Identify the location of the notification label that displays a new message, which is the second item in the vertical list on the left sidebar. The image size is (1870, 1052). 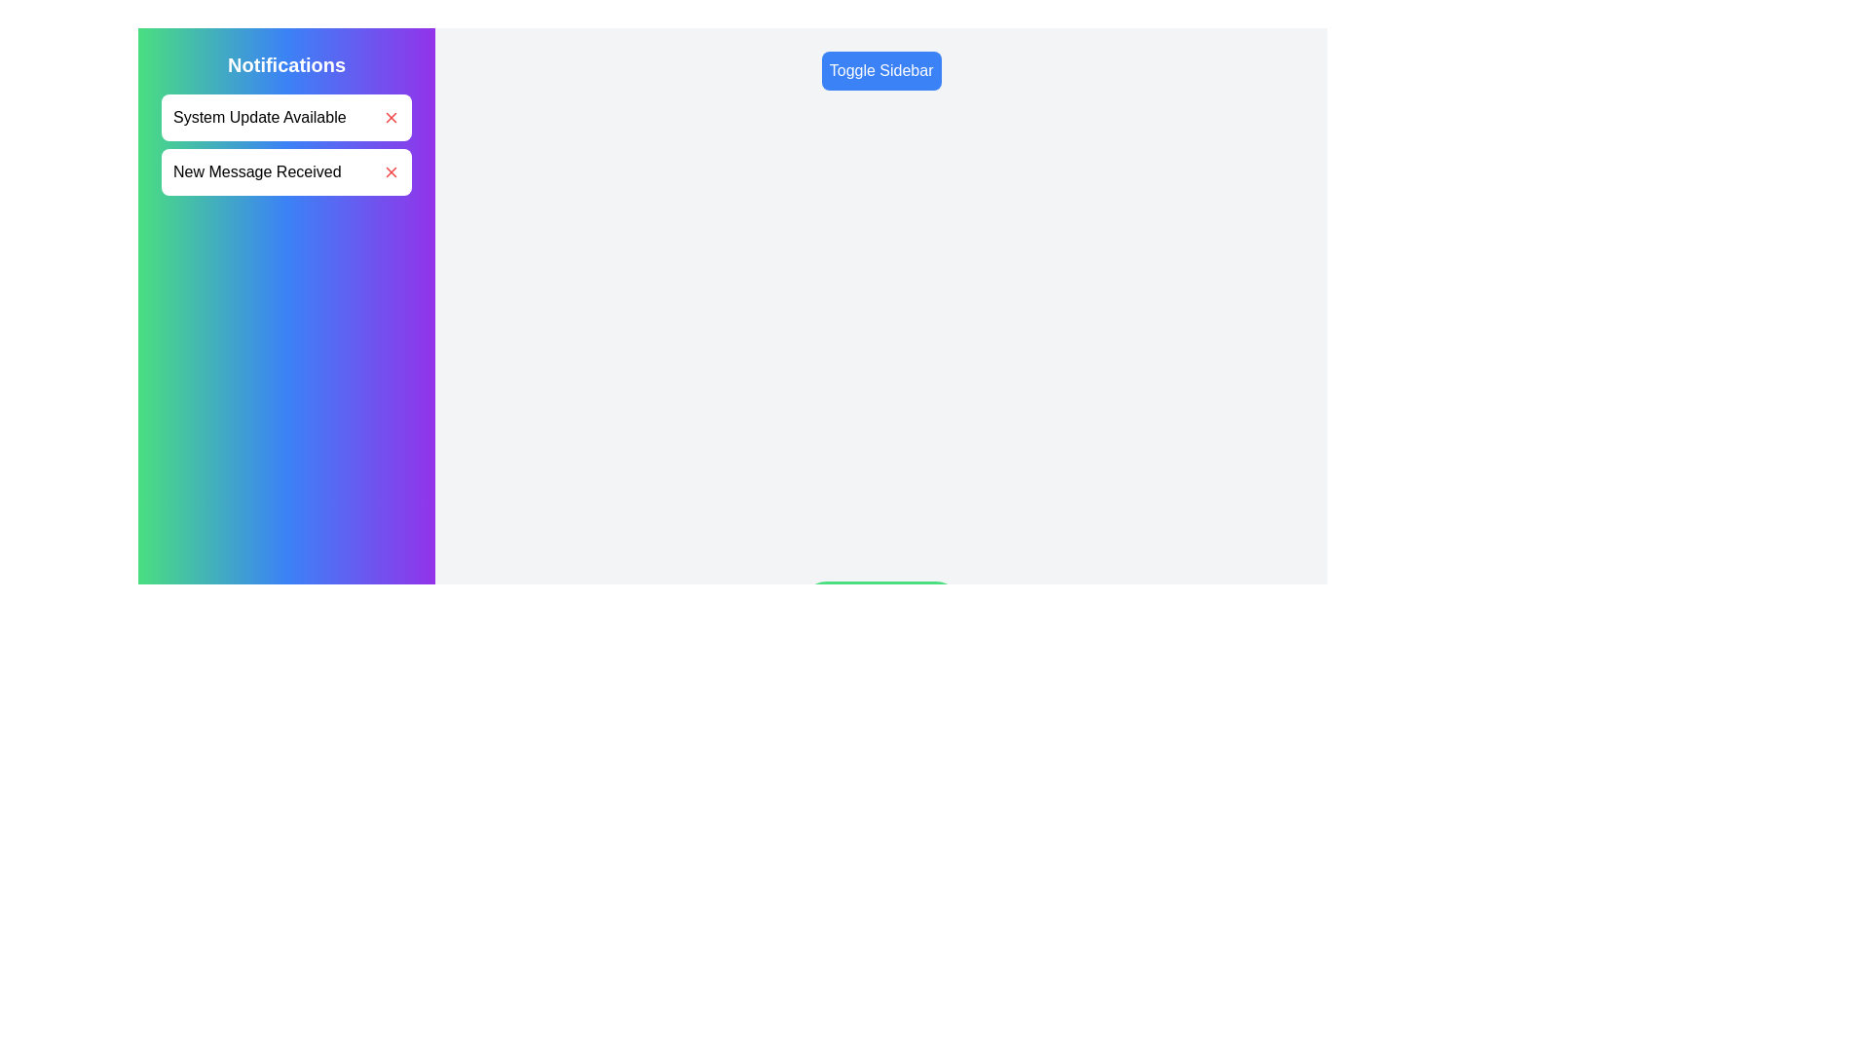
(256, 171).